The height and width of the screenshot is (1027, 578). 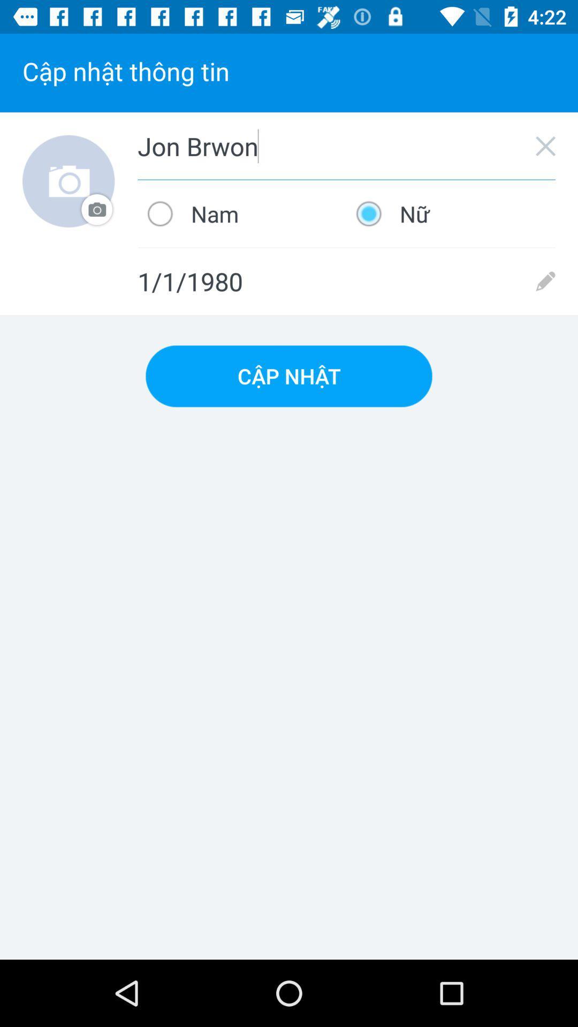 What do you see at coordinates (346, 145) in the screenshot?
I see `the jon brwon icon` at bounding box center [346, 145].